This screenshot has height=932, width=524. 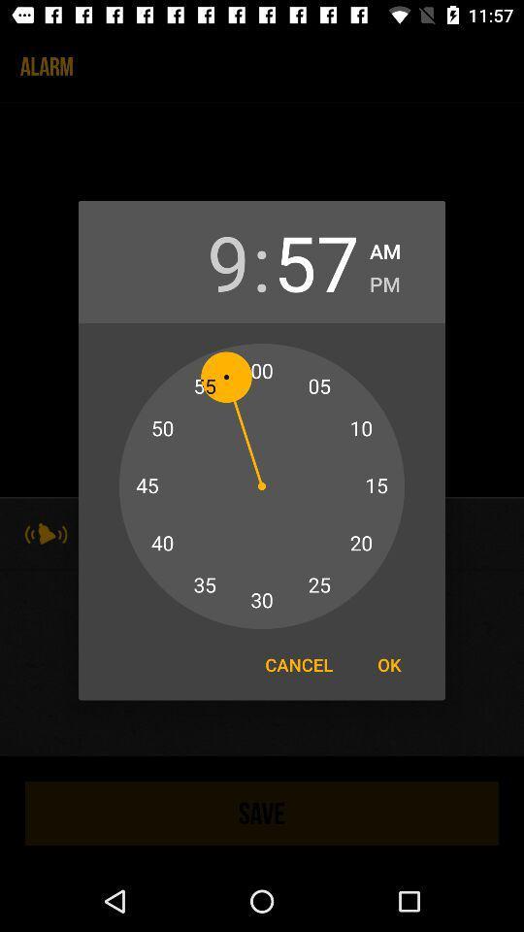 What do you see at coordinates (389, 664) in the screenshot?
I see `icon to the right of the cancel item` at bounding box center [389, 664].